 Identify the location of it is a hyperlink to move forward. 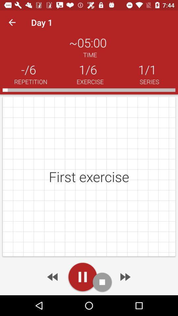
(125, 276).